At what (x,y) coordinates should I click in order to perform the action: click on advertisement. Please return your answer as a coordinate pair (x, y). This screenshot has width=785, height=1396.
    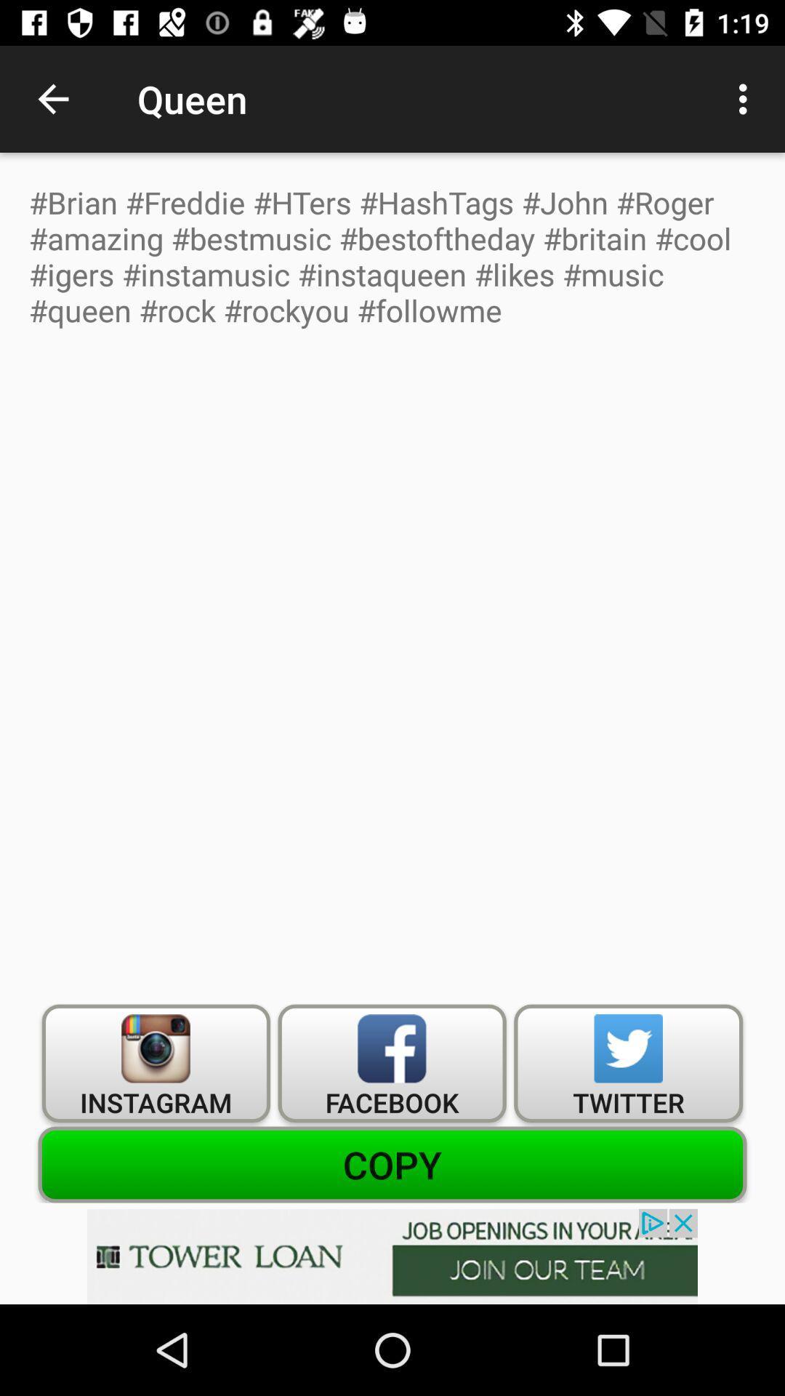
    Looking at the image, I should click on (392, 1256).